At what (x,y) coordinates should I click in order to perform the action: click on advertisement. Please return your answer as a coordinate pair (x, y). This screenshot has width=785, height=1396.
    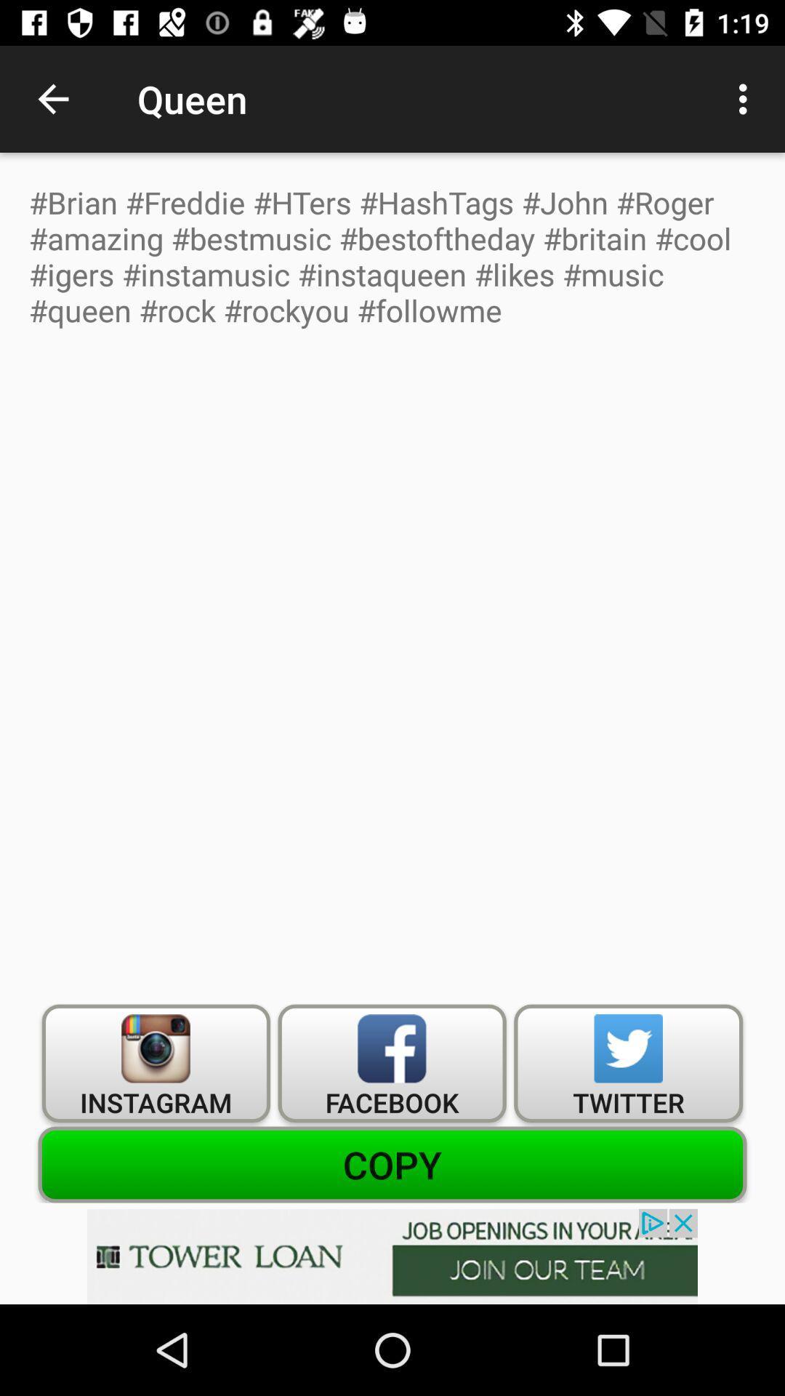
    Looking at the image, I should click on (392, 1256).